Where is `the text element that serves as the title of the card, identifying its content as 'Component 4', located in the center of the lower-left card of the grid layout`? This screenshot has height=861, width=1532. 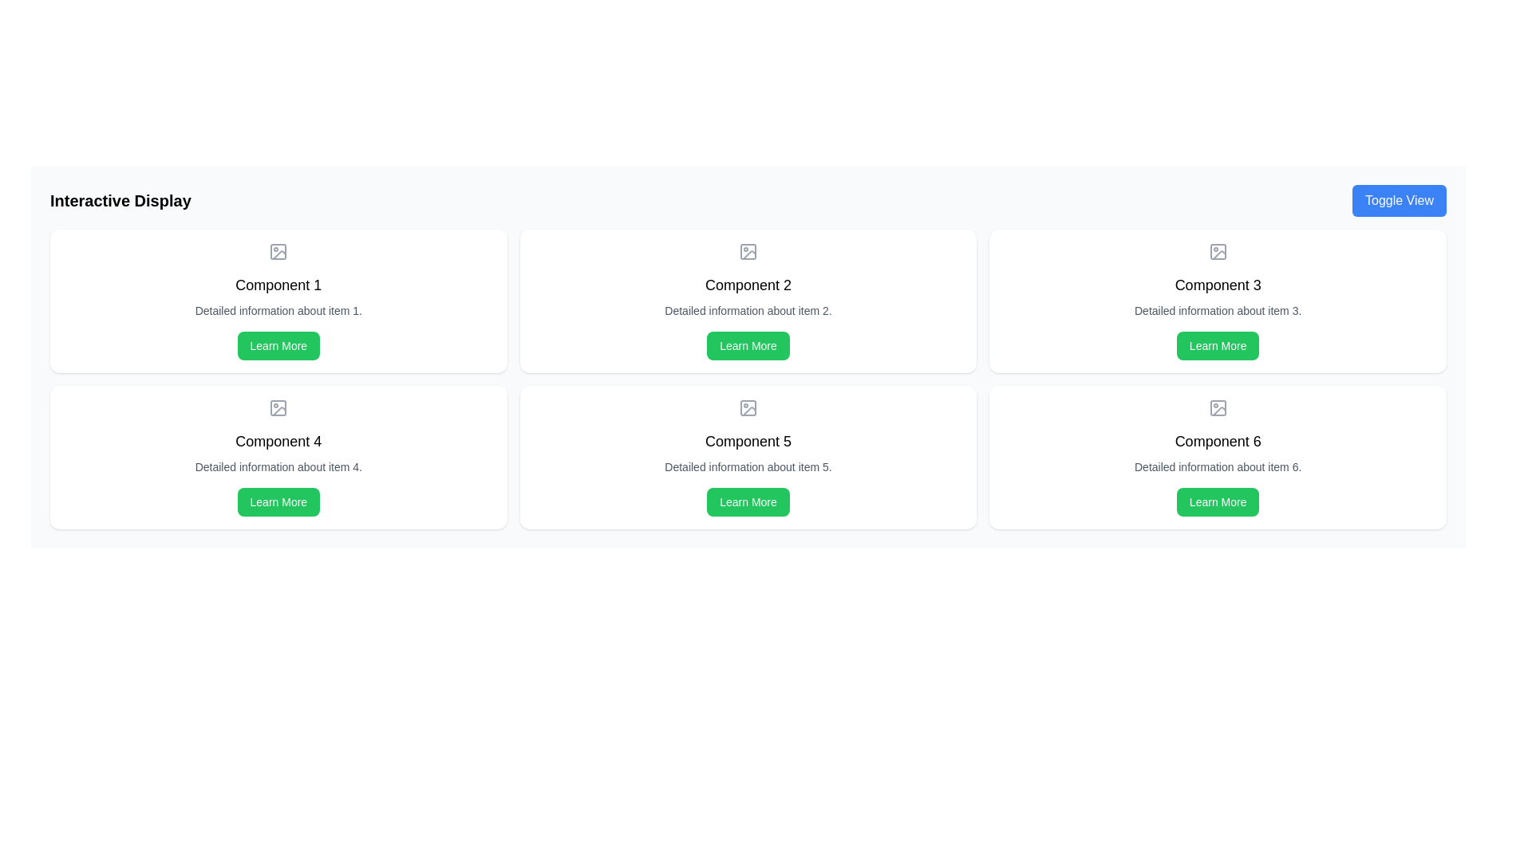 the text element that serves as the title of the card, identifying its content as 'Component 4', located in the center of the lower-left card of the grid layout is located at coordinates (278, 442).